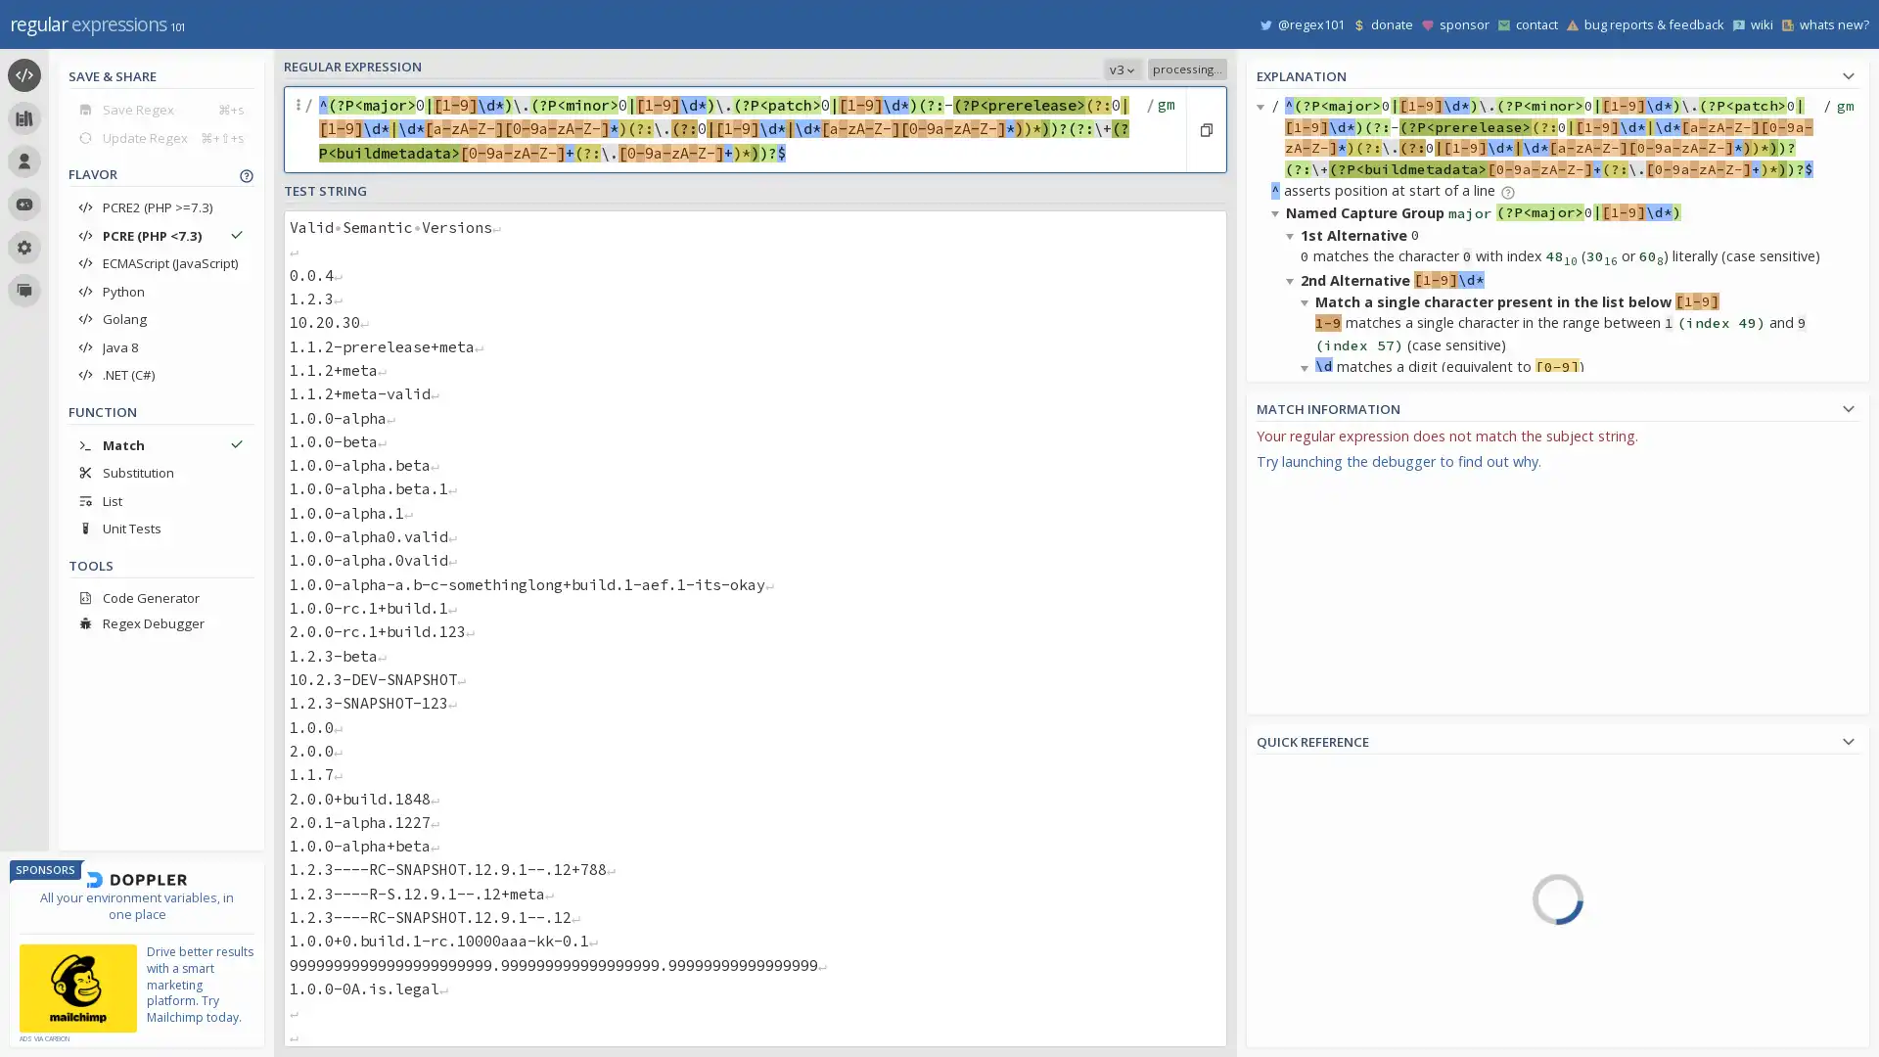 Image resolution: width=1879 pixels, height=1057 pixels. What do you see at coordinates (1348, 980) in the screenshot?
I see `Group Constructs` at bounding box center [1348, 980].